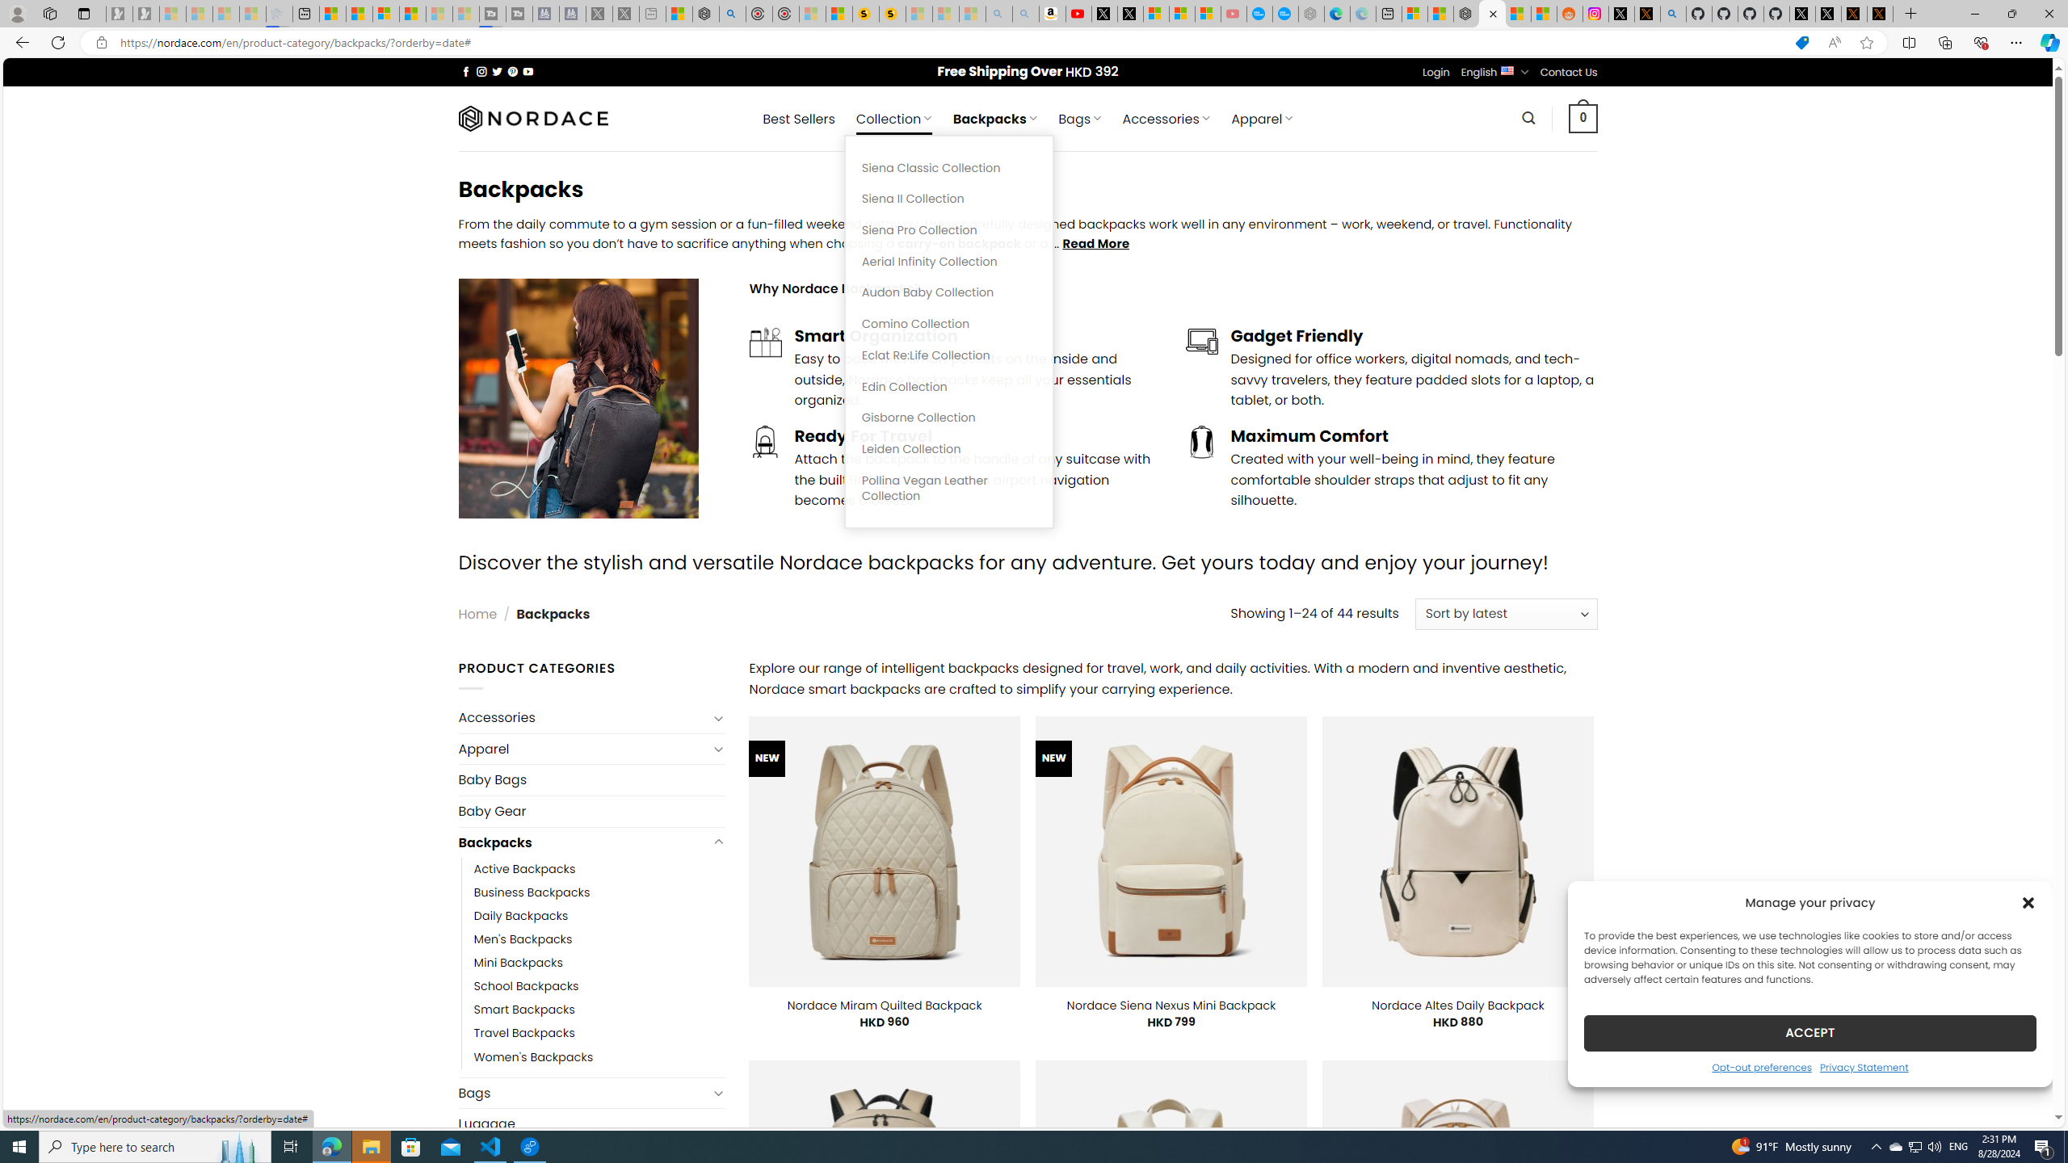  I want to click on 'Wildlife - MSN', so click(678, 13).